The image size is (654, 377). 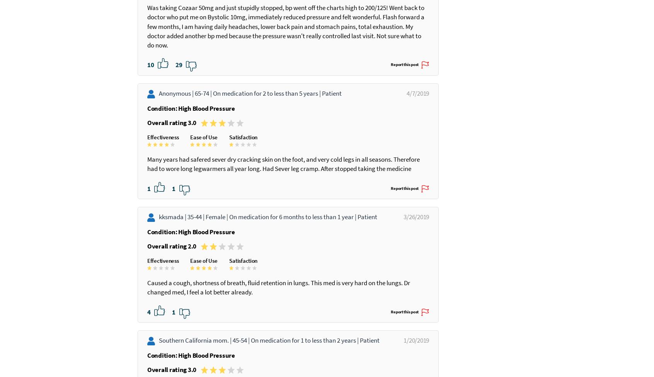 What do you see at coordinates (205, 264) in the screenshot?
I see `'Female |'` at bounding box center [205, 264].